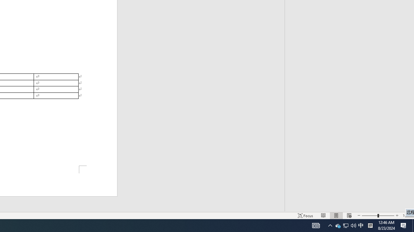 The image size is (414, 232). I want to click on 'Print Layout', so click(336, 216).